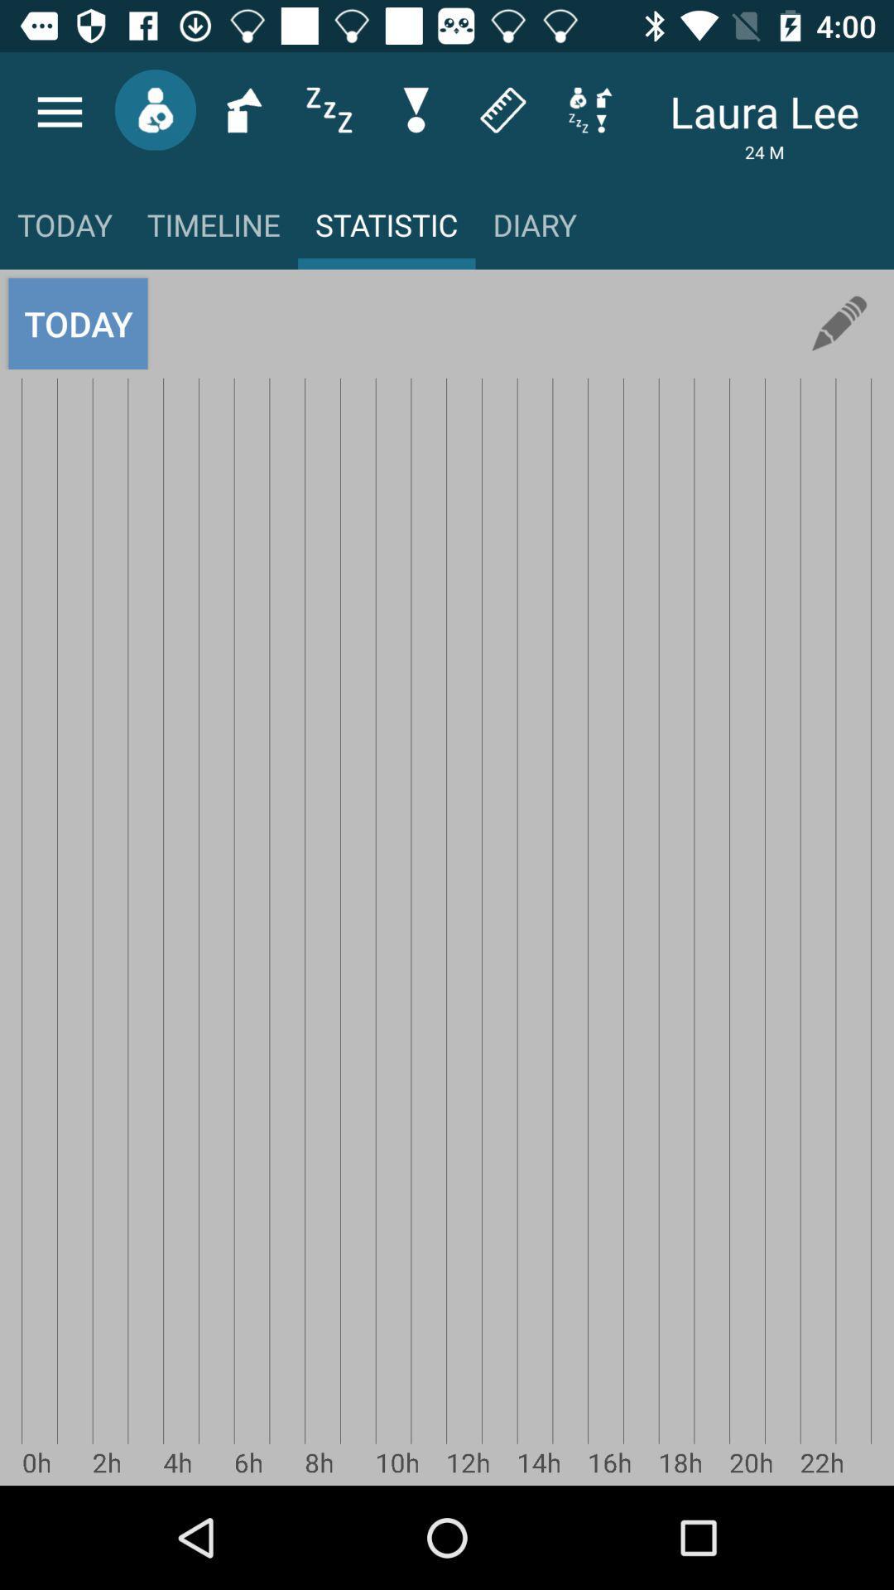 The height and width of the screenshot is (1590, 894). Describe the element at coordinates (839, 324) in the screenshot. I see `the edit icon` at that location.